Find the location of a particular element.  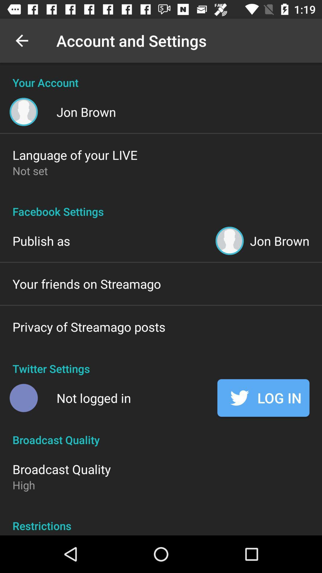

the facebook settings is located at coordinates (161, 205).